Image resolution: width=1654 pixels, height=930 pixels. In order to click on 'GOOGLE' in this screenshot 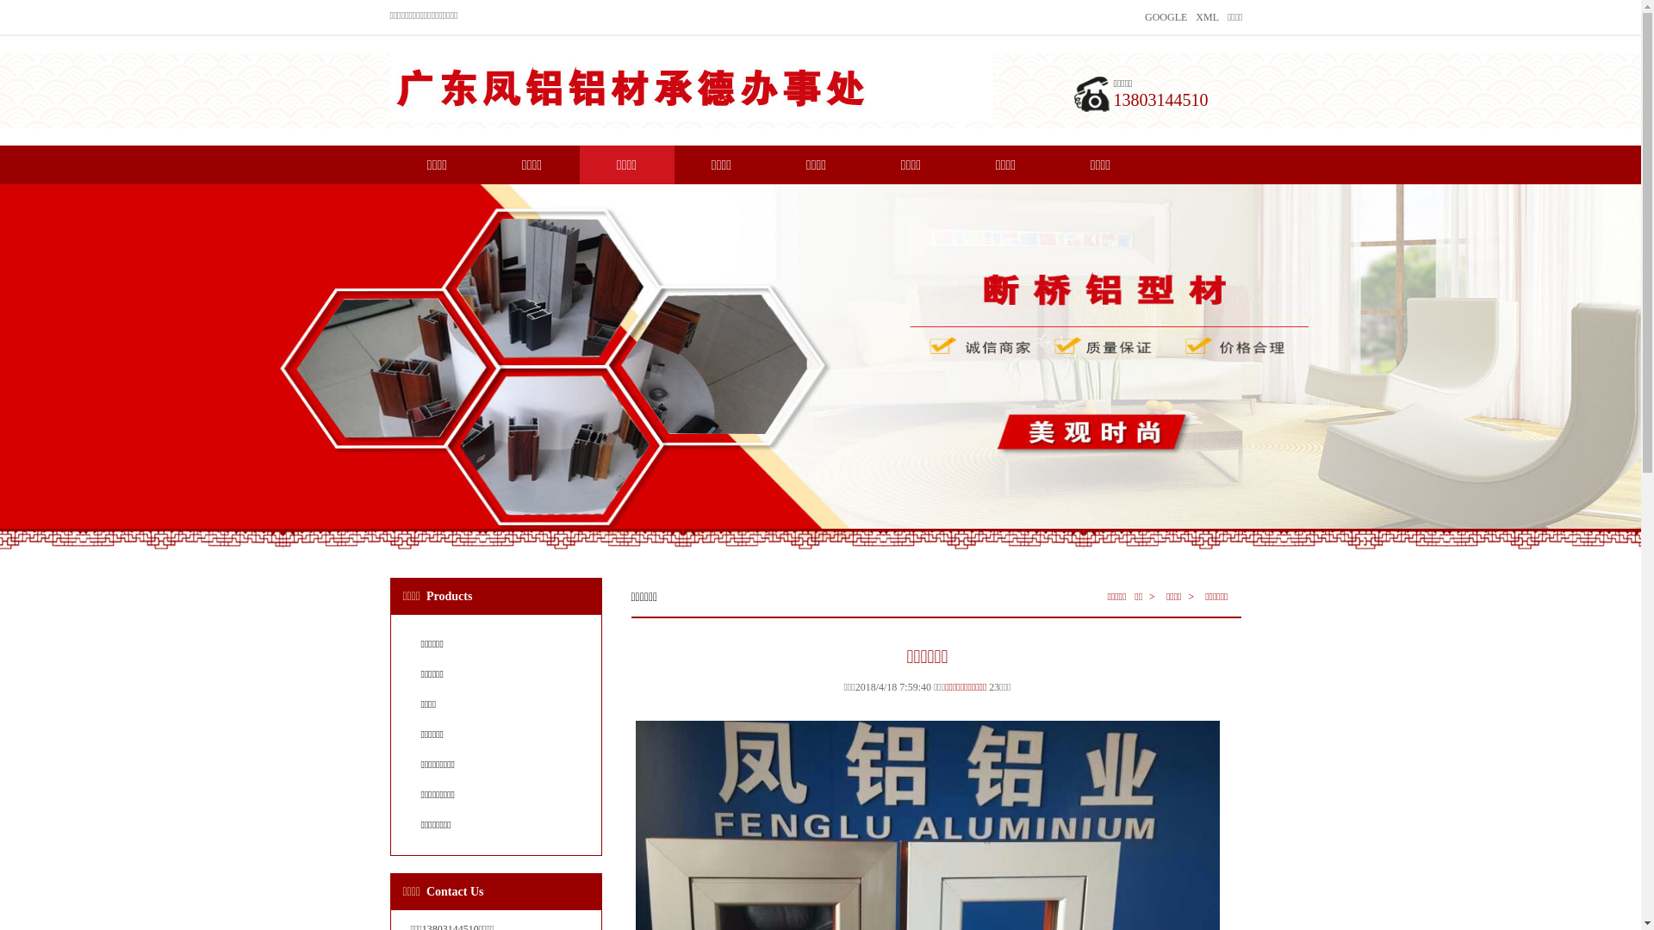, I will do `click(1145, 16)`.